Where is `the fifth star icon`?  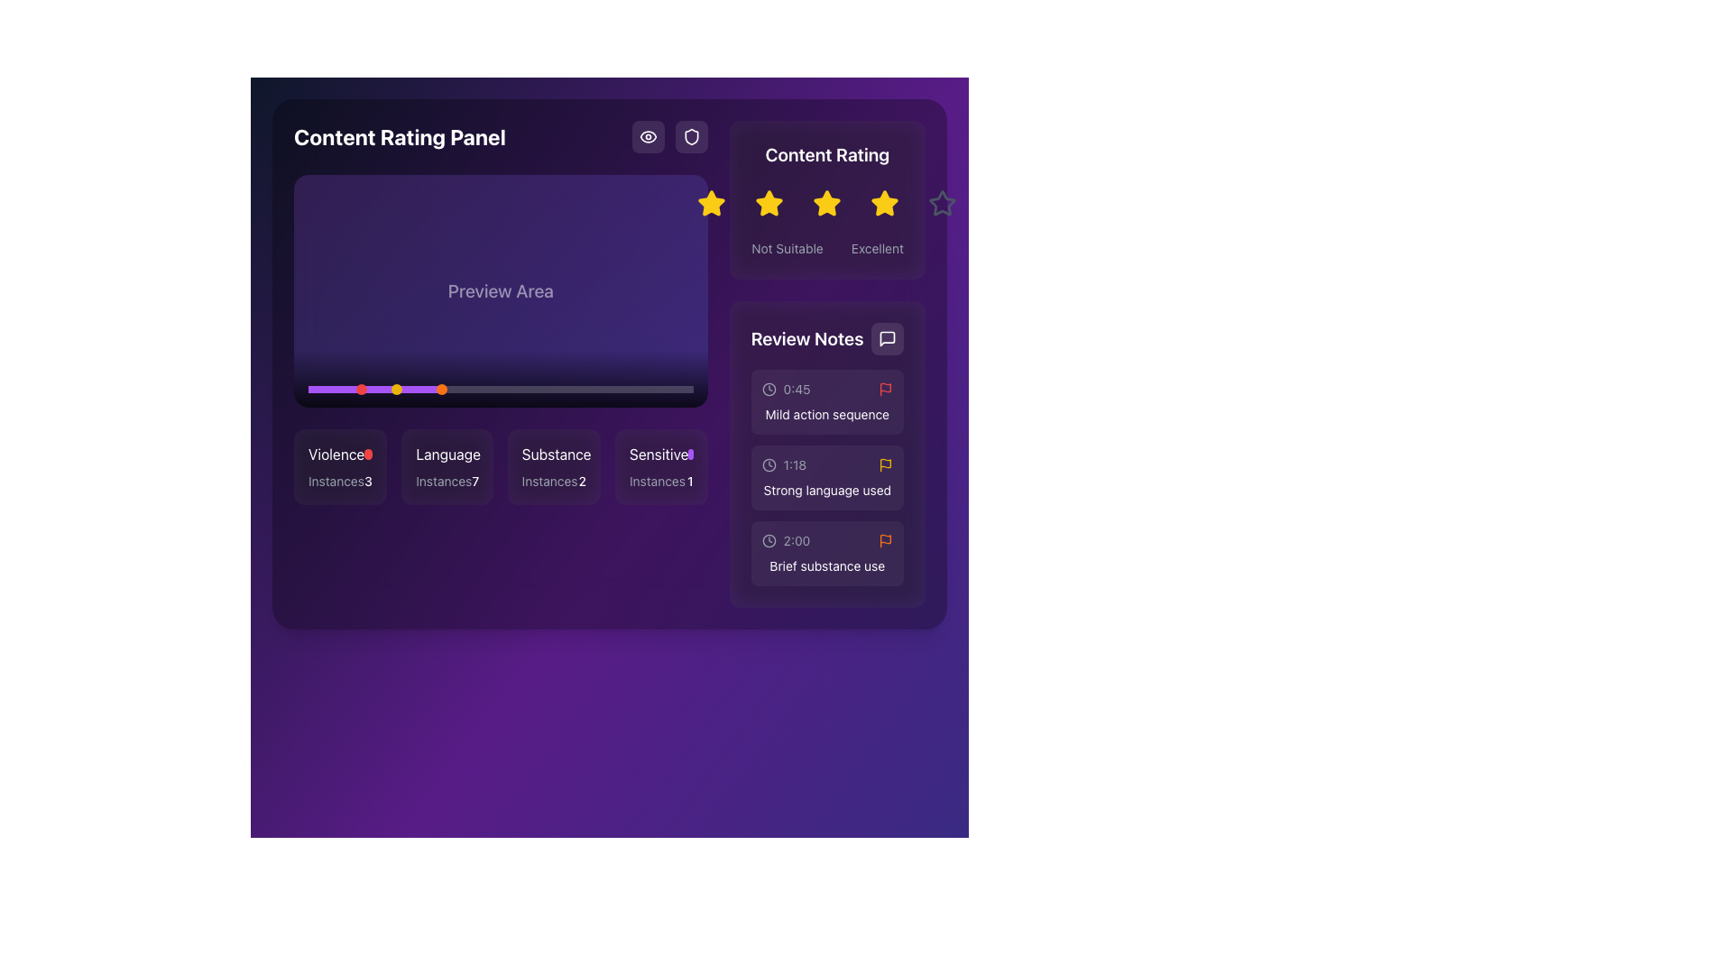
the fifth star icon is located at coordinates (942, 203).